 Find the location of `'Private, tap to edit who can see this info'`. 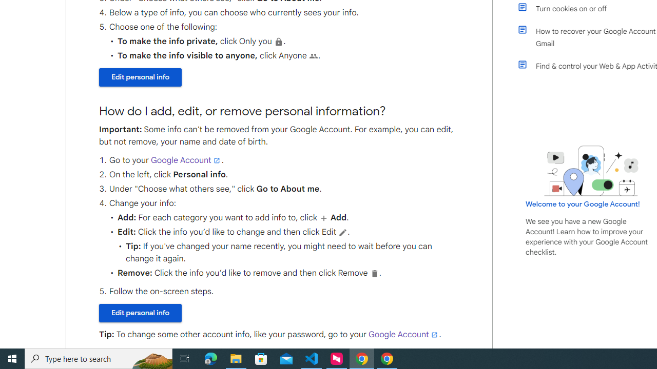

'Private, tap to edit who can see this info' is located at coordinates (279, 41).